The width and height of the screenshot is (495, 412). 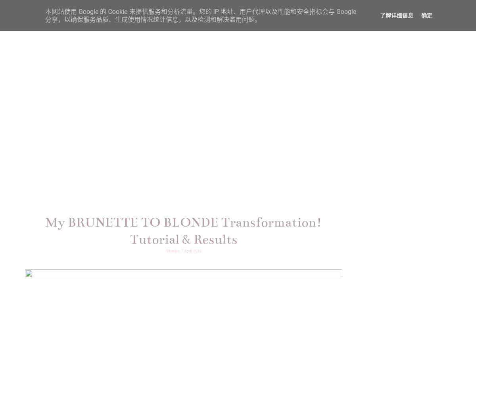 What do you see at coordinates (343, 28) in the screenshot?
I see `'FASHION'` at bounding box center [343, 28].